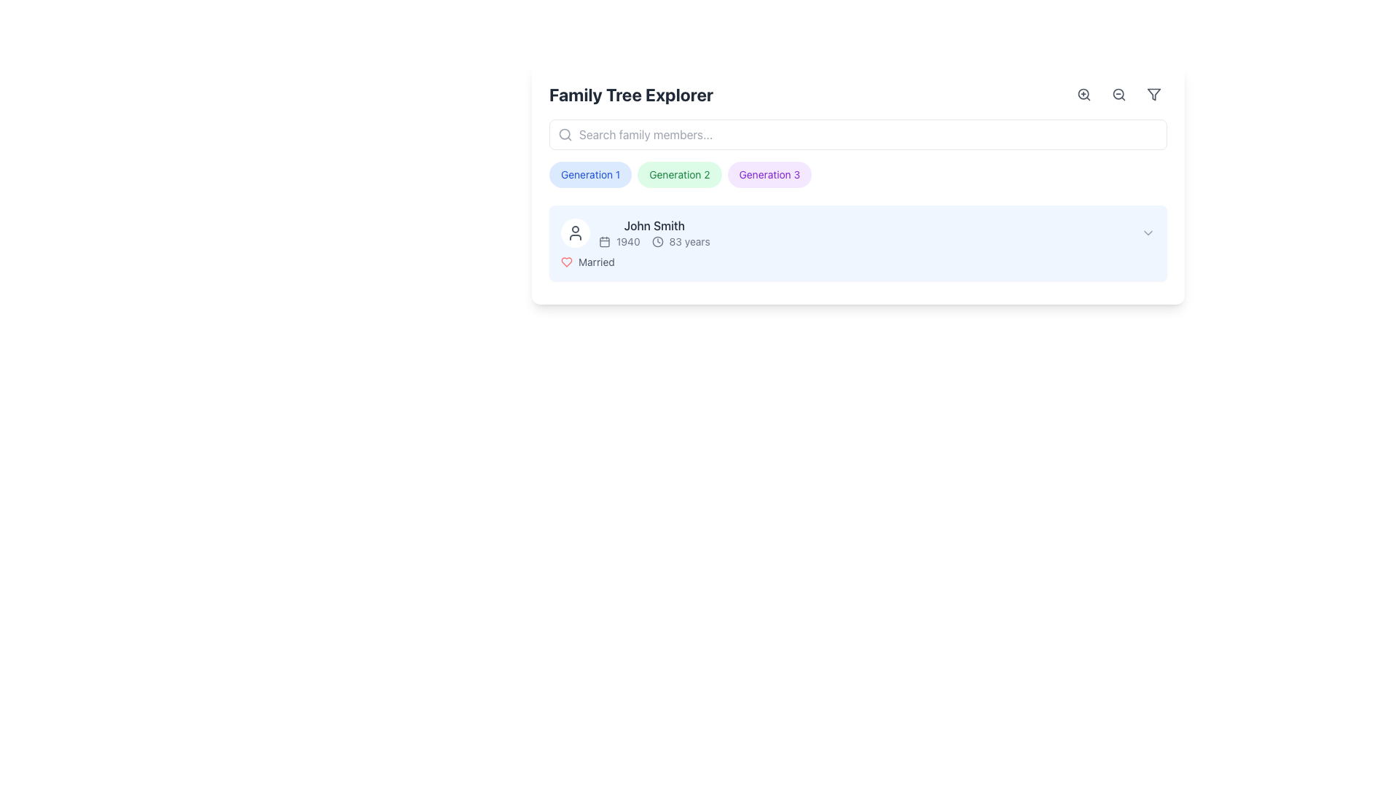  Describe the element at coordinates (635, 232) in the screenshot. I see `the Information Card displaying user details such as name, birth year, and age, located in the left part of a centralized horizontal section` at that location.